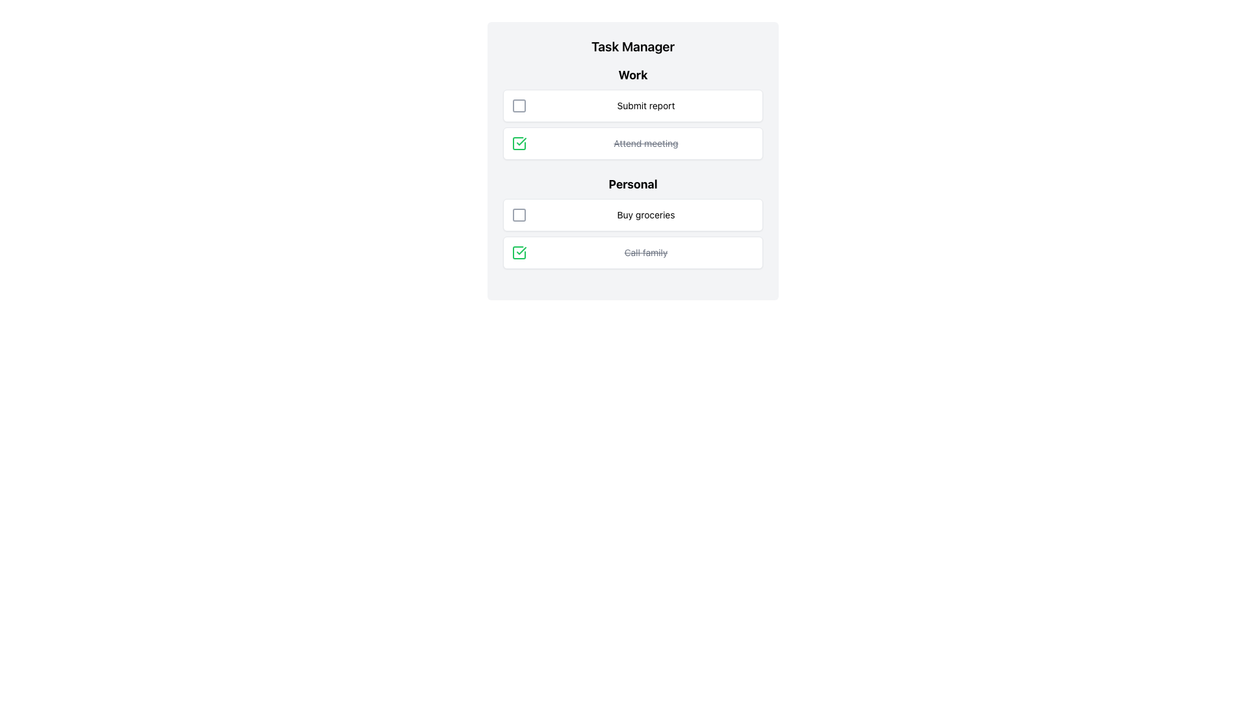 The width and height of the screenshot is (1248, 702). Describe the element at coordinates (645, 214) in the screenshot. I see `the text label containing the phrase 'Buy groceries'` at that location.